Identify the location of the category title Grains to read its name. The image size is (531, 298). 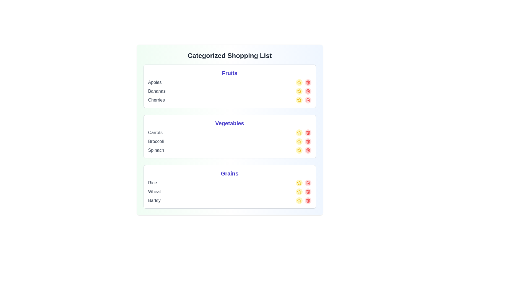
(230, 173).